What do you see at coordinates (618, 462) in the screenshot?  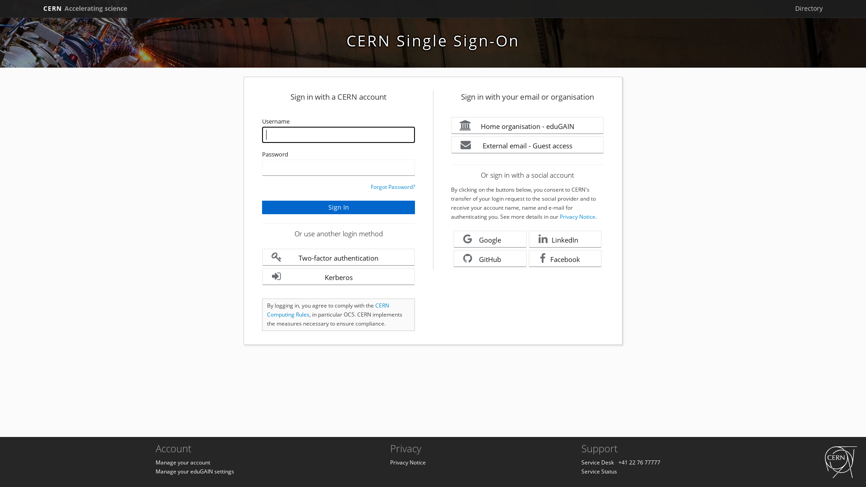 I see `'+41 22 76 77777'` at bounding box center [618, 462].